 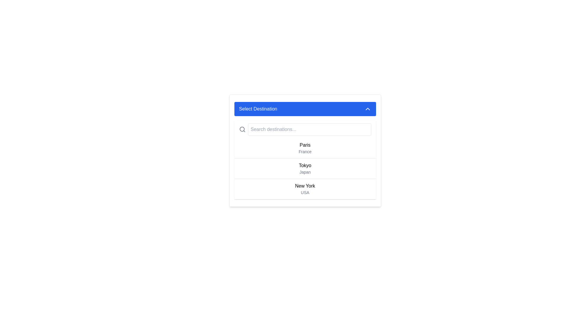 What do you see at coordinates (305, 189) in the screenshot?
I see `the third selectable option in the list labeled 'Select Destination' to choose 'New York'` at bounding box center [305, 189].